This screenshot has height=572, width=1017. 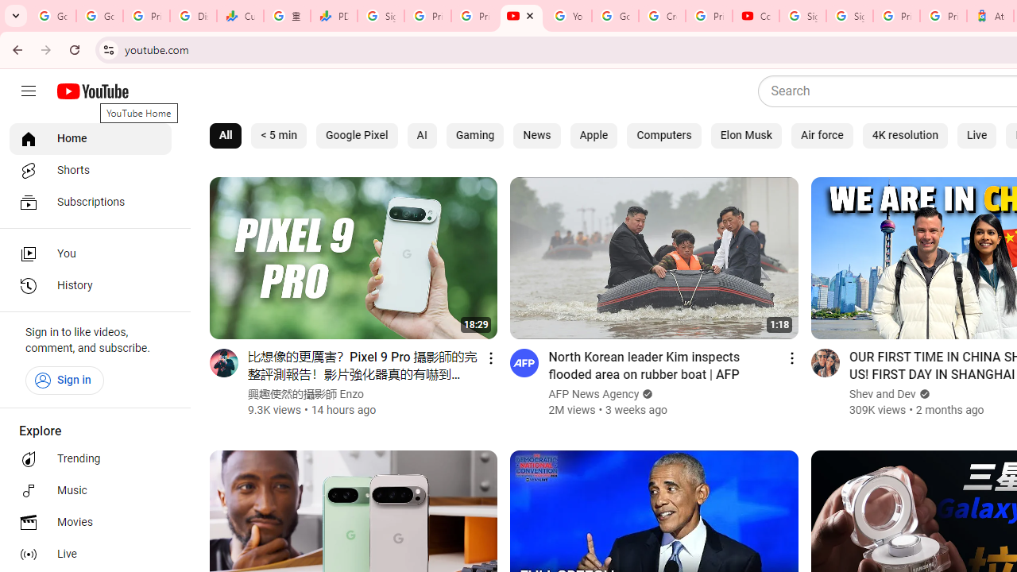 I want to click on 'Air force', so click(x=822, y=135).